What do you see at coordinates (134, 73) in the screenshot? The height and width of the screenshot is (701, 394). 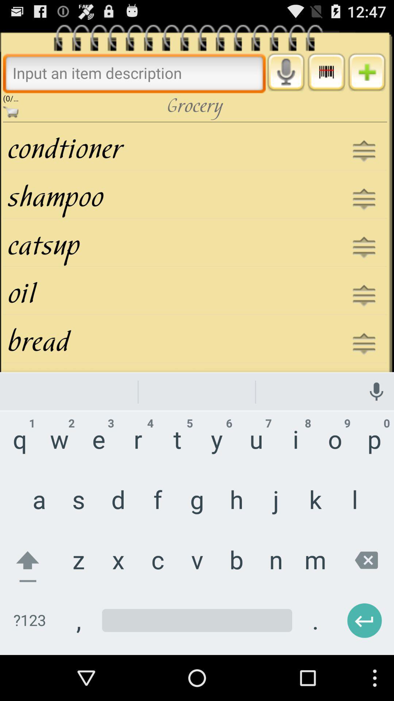 I see `search bar` at bounding box center [134, 73].